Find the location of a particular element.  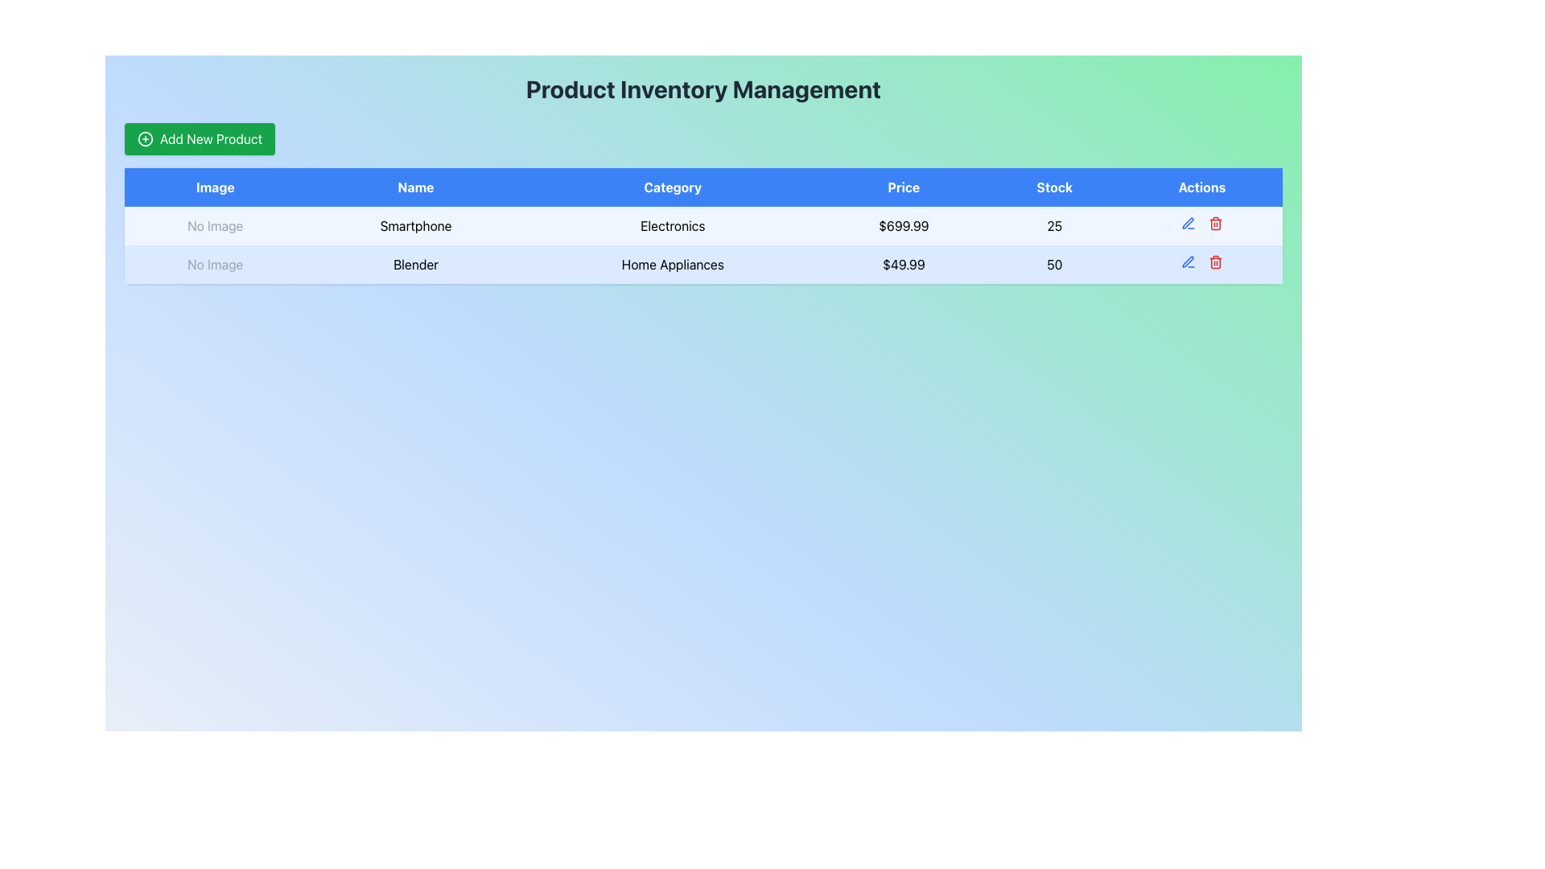

the text label component displaying 'Electronics' in the first row of a table, which is aligned with the headers and positioned between 'Smartphone' and '$699.99' is located at coordinates (673, 226).